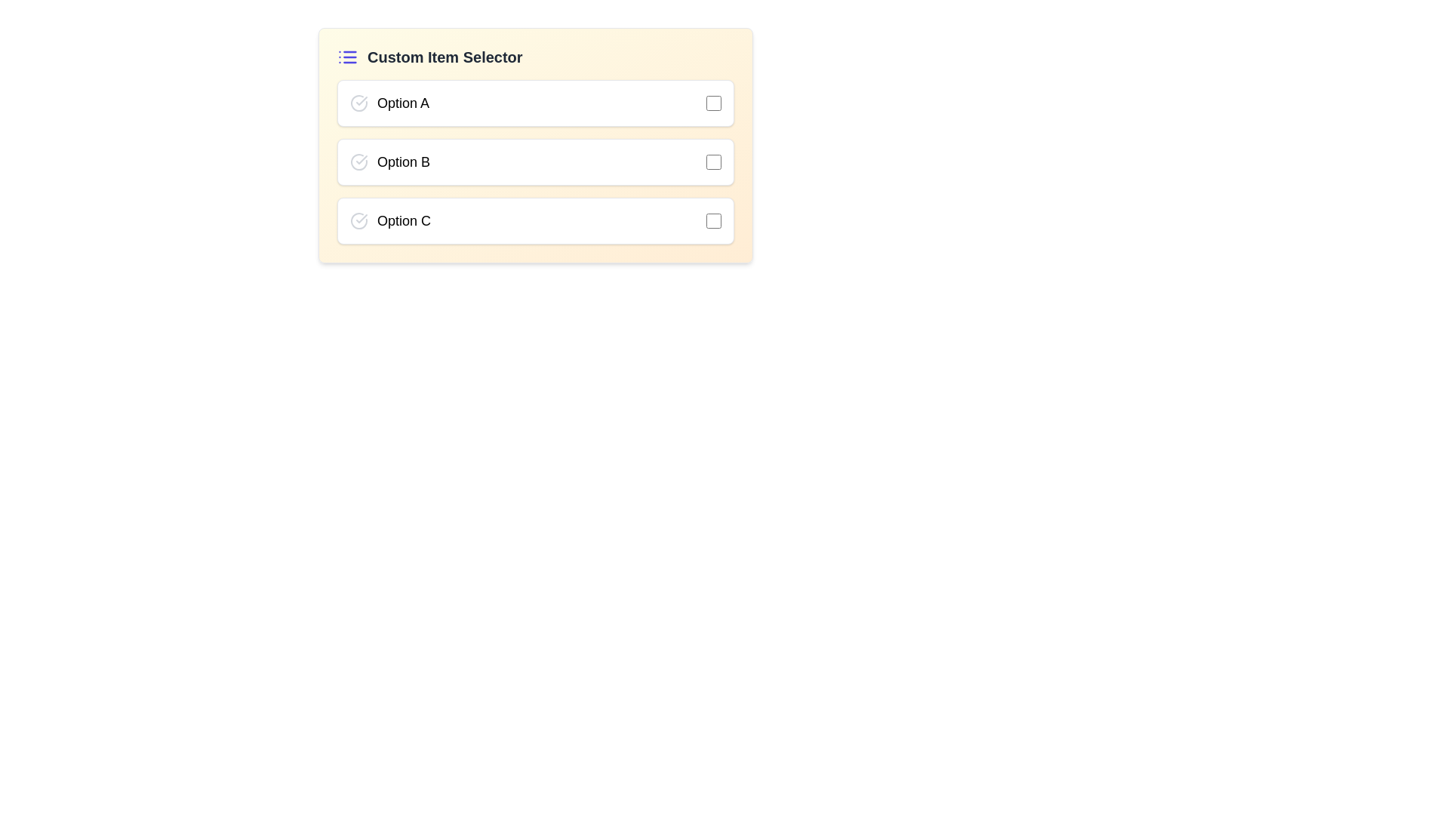 The width and height of the screenshot is (1449, 815). I want to click on the checkbox in the list of selectable options within the 'Custom Item Selector' card, so click(536, 162).